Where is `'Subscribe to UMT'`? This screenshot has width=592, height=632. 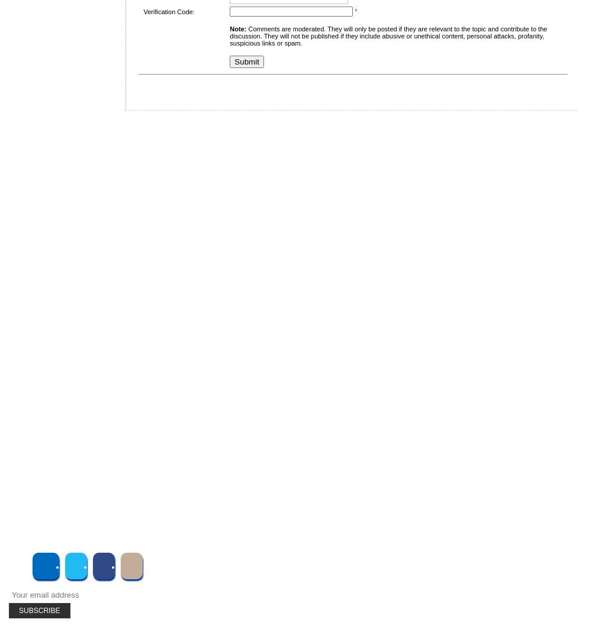 'Subscribe to UMT' is located at coordinates (176, 565).